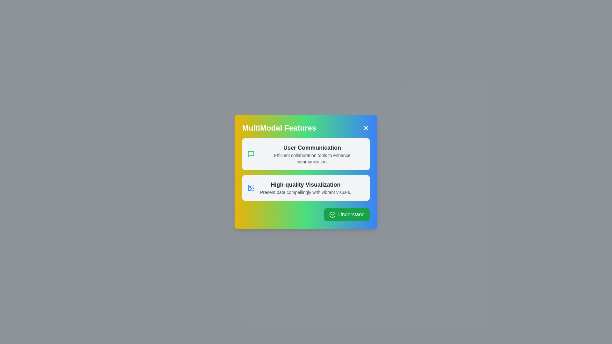 The height and width of the screenshot is (344, 612). I want to click on the 'Understand' button to confirm and close the dialog, so click(346, 215).